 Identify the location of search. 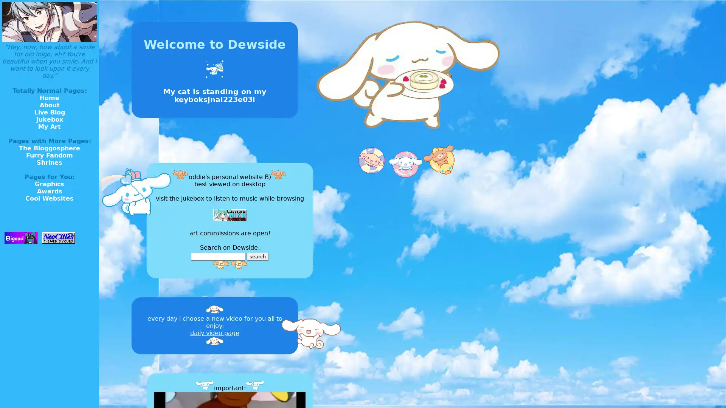
(258, 256).